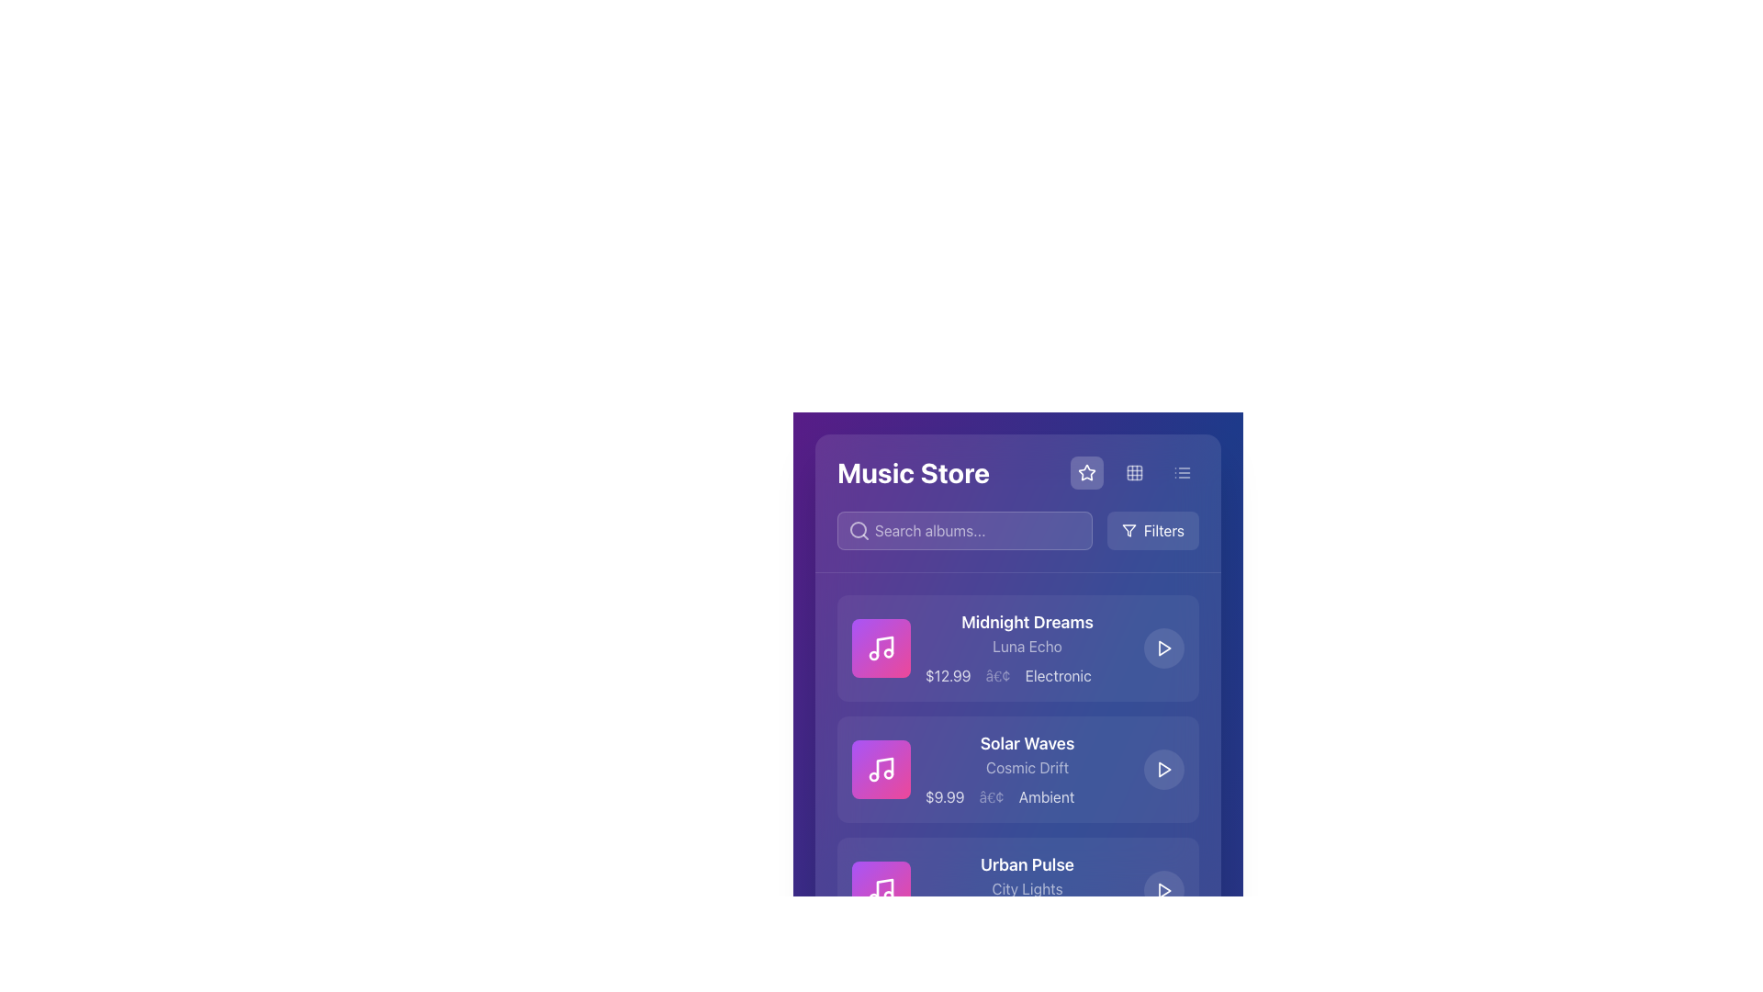  Describe the element at coordinates (1162, 647) in the screenshot. I see `the triangular play icon button with white strokes situated within a circular button, located to the right of the 'Midnight Dreams' text description` at that location.